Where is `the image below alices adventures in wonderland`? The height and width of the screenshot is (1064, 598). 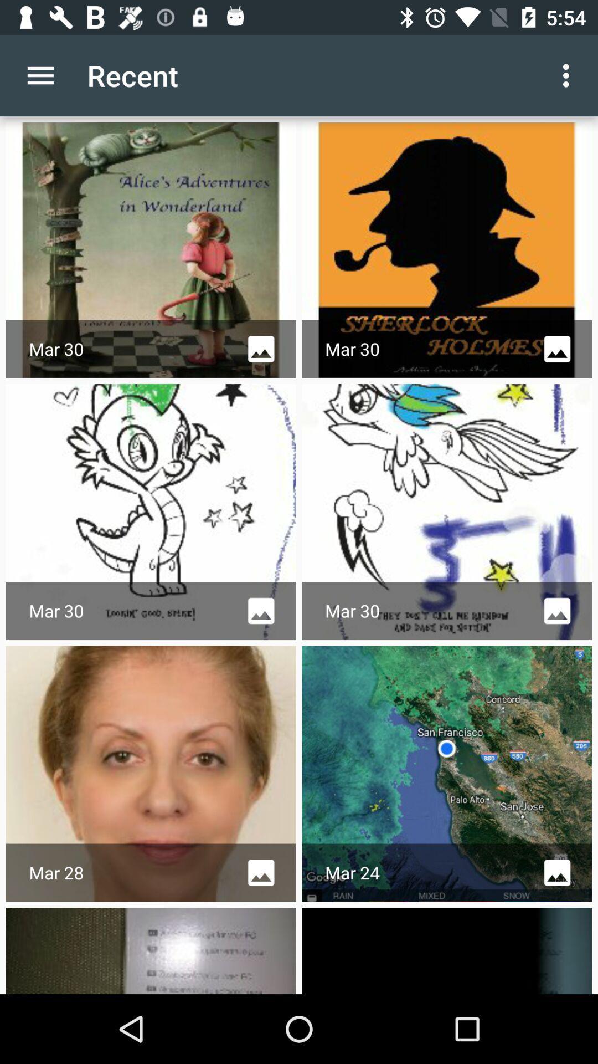 the image below alices adventures in wonderland is located at coordinates (151, 511).